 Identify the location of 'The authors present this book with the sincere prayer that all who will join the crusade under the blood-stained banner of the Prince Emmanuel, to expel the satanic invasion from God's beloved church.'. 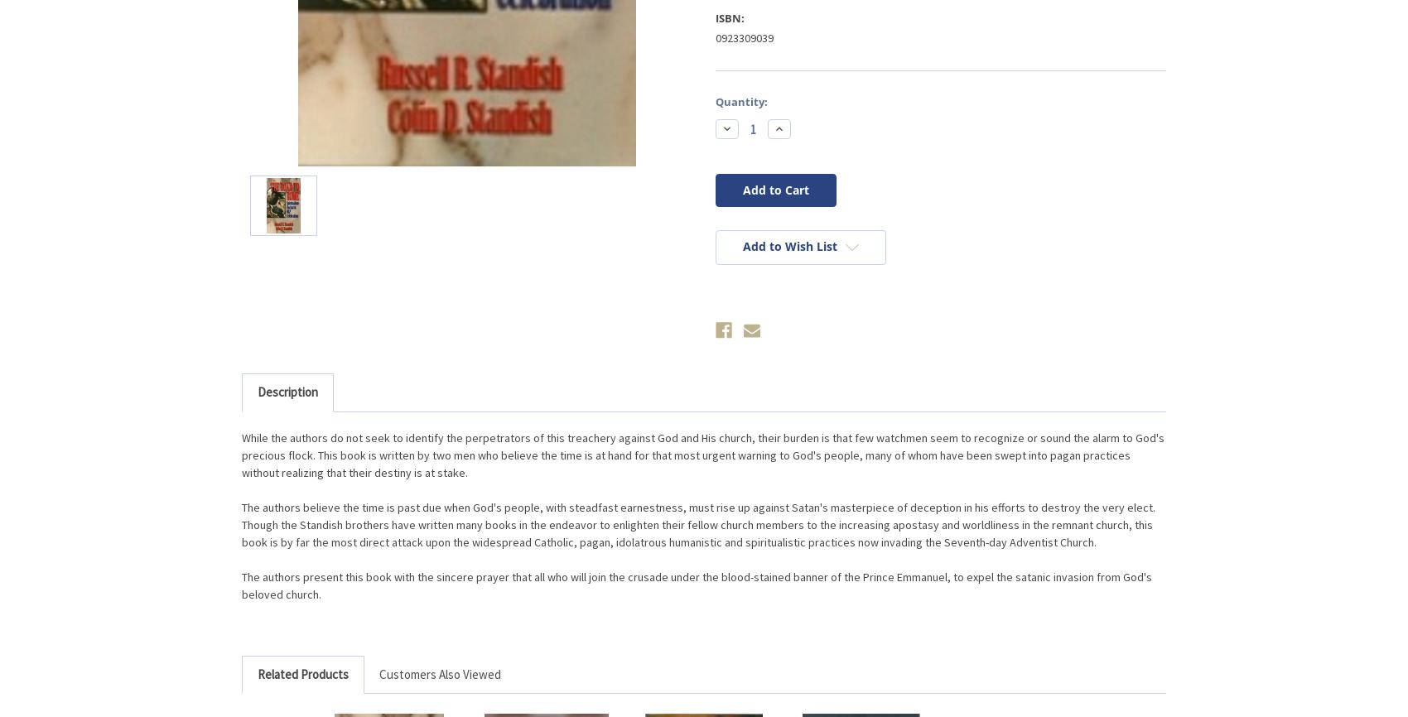
(696, 584).